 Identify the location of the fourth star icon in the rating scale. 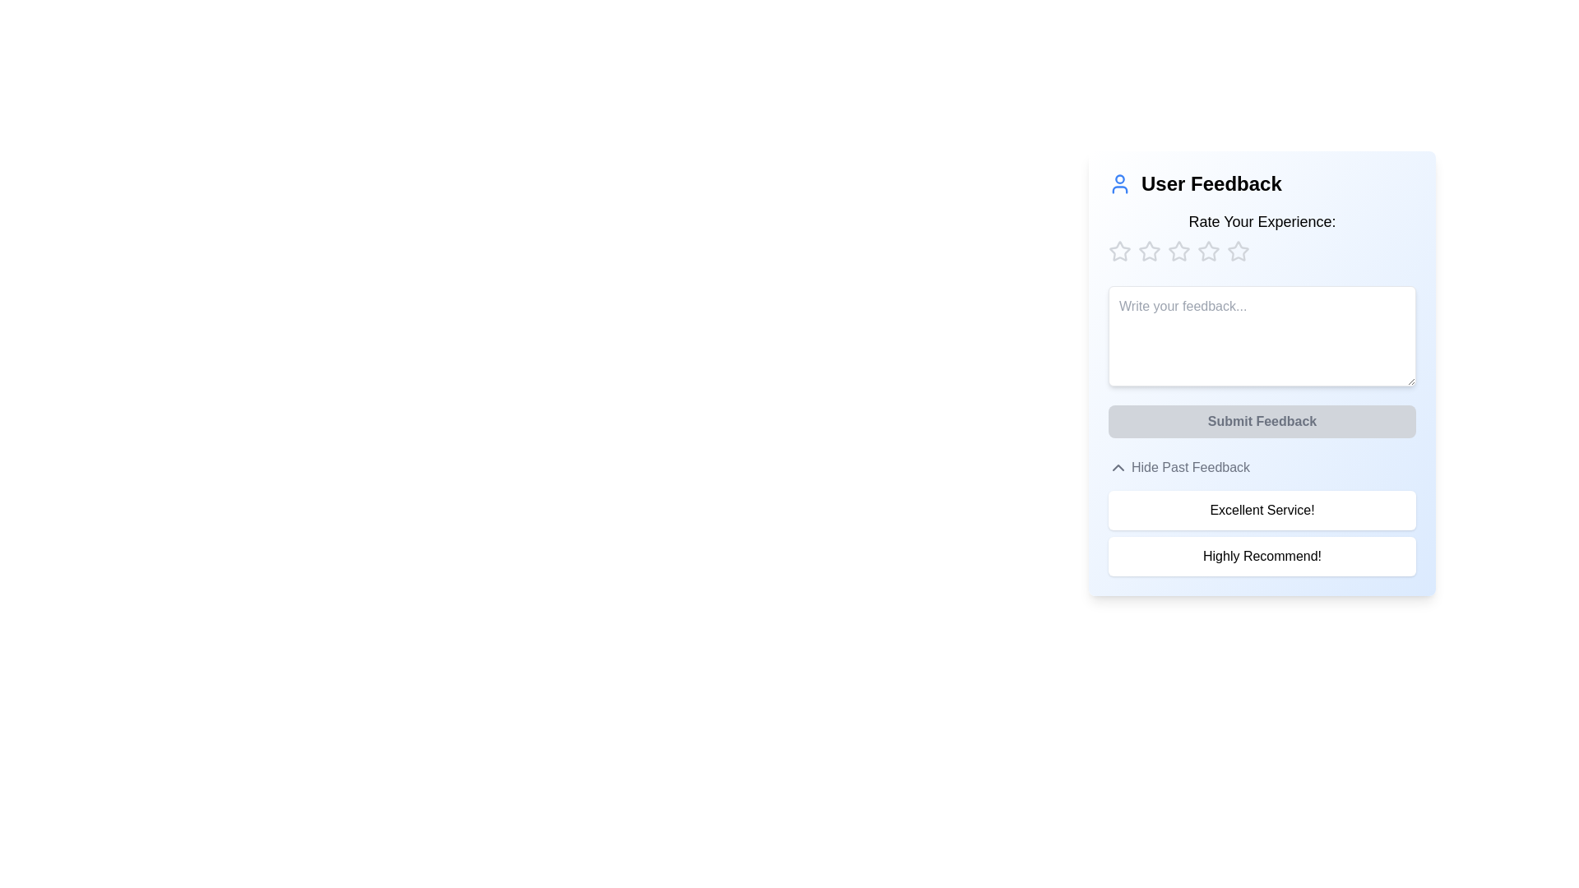
(1239, 251).